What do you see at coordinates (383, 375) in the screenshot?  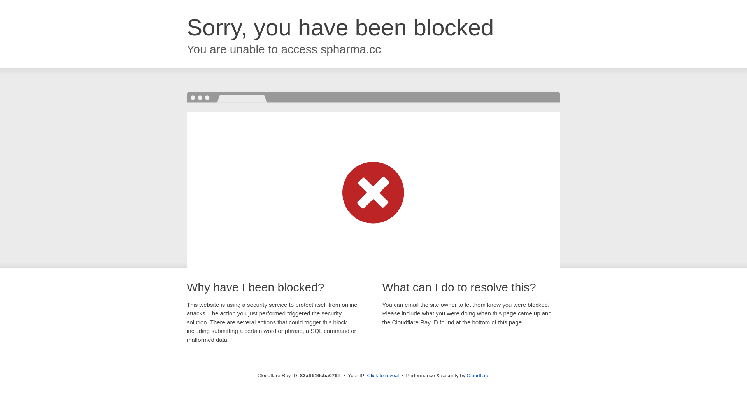 I see `'Click to reveal'` at bounding box center [383, 375].